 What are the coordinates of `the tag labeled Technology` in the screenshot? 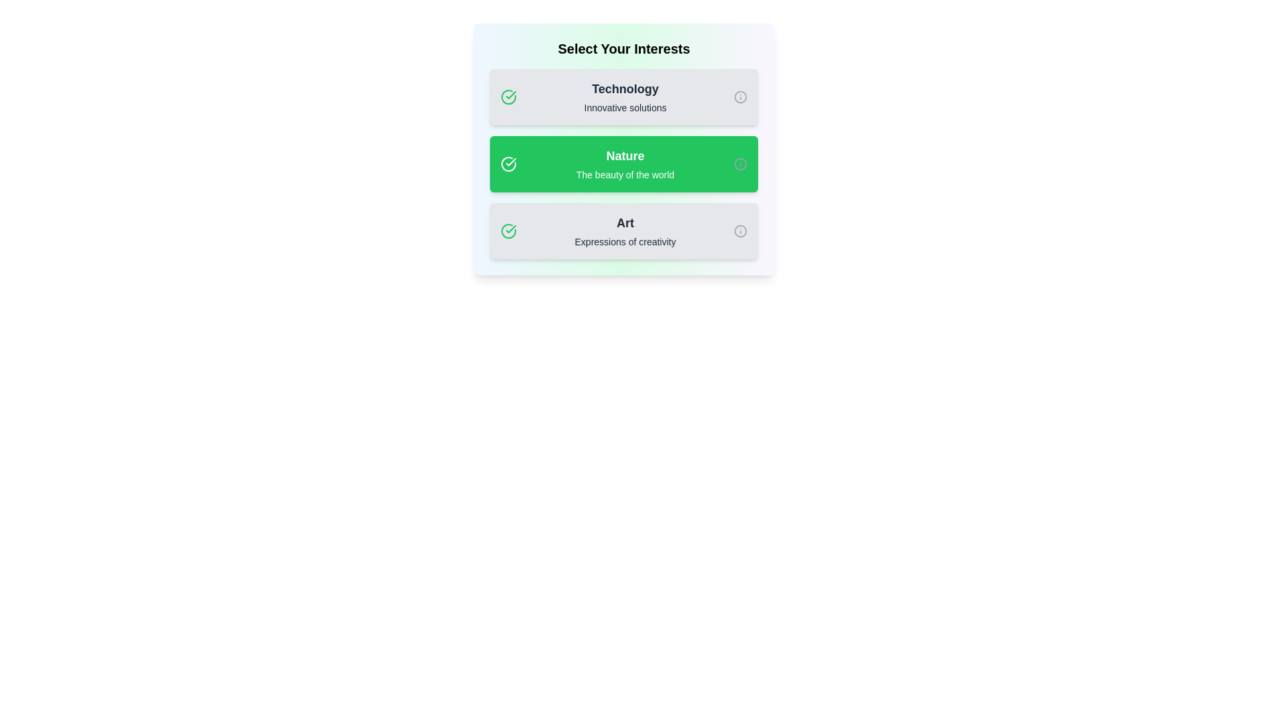 It's located at (623, 97).